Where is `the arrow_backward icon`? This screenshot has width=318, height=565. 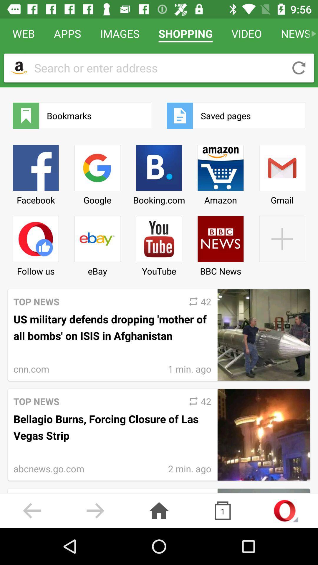 the arrow_backward icon is located at coordinates (32, 510).